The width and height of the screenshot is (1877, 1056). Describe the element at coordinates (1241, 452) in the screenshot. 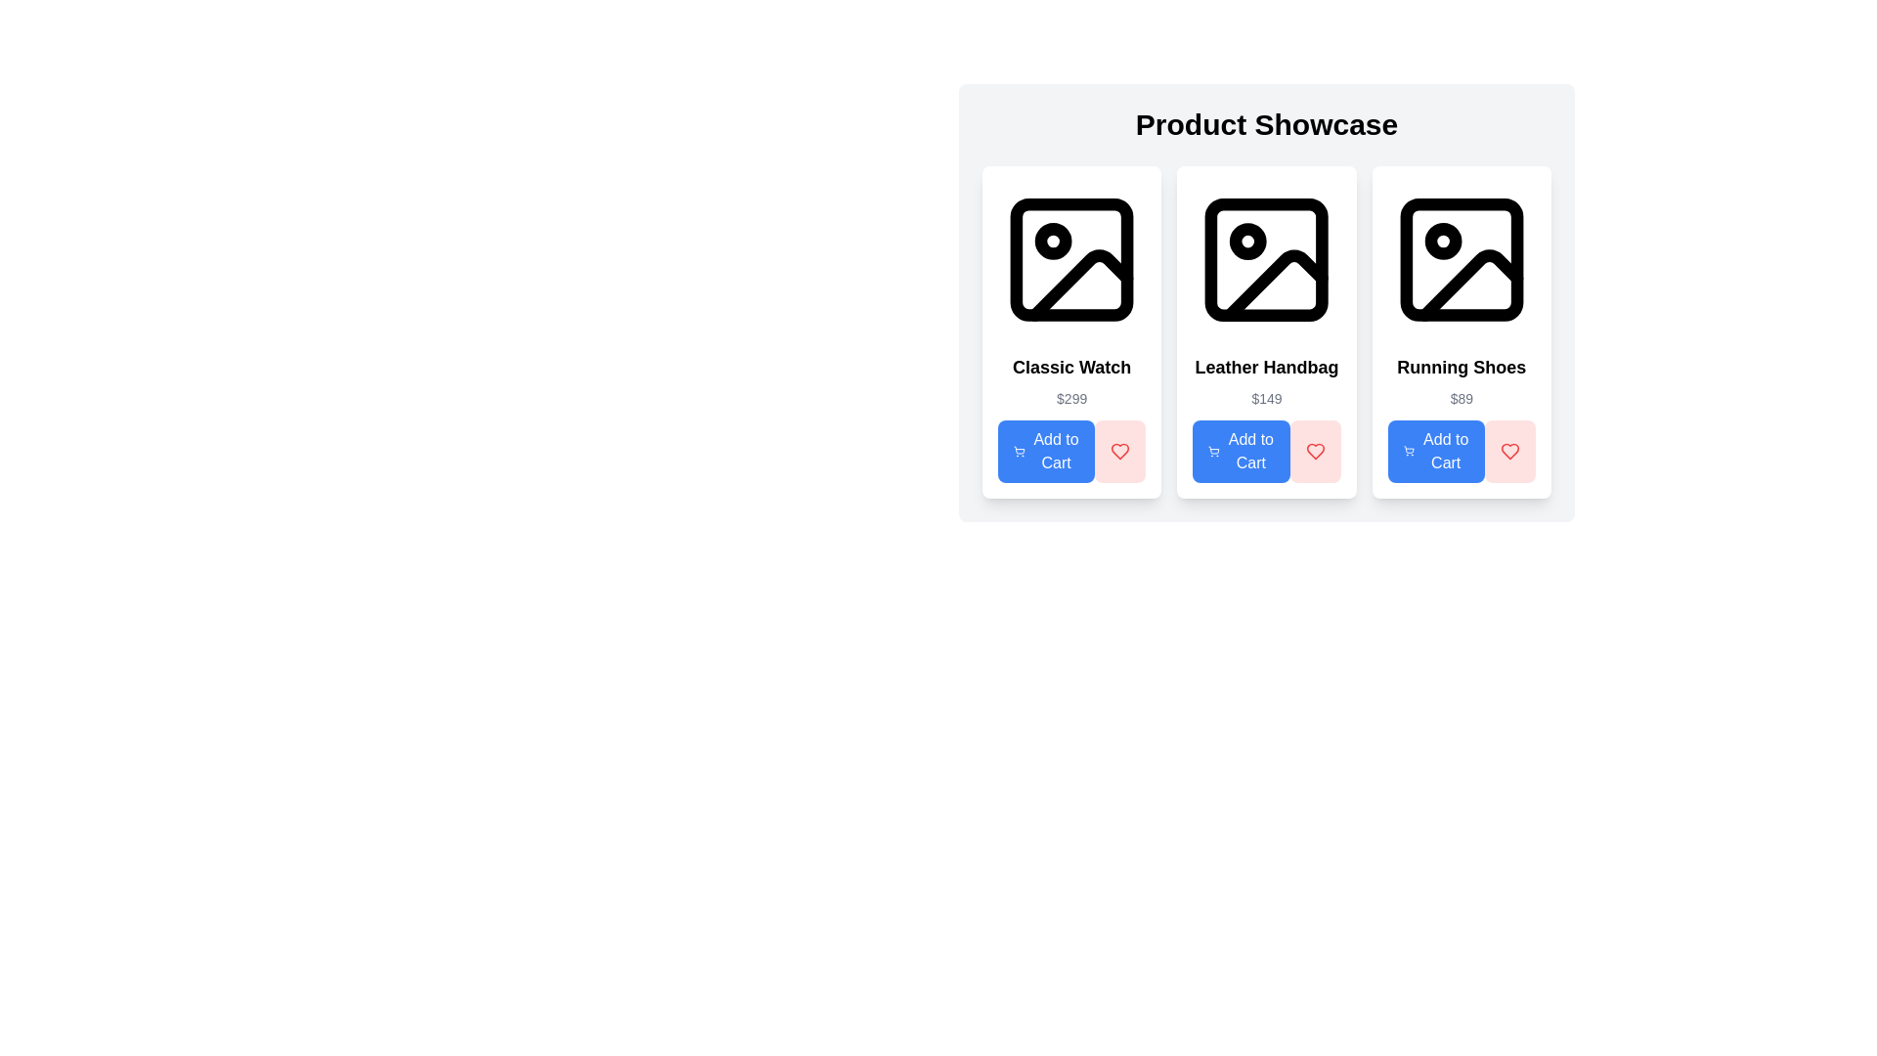

I see `the blue 'Add to Cart' button with a shopping cart icon` at that location.